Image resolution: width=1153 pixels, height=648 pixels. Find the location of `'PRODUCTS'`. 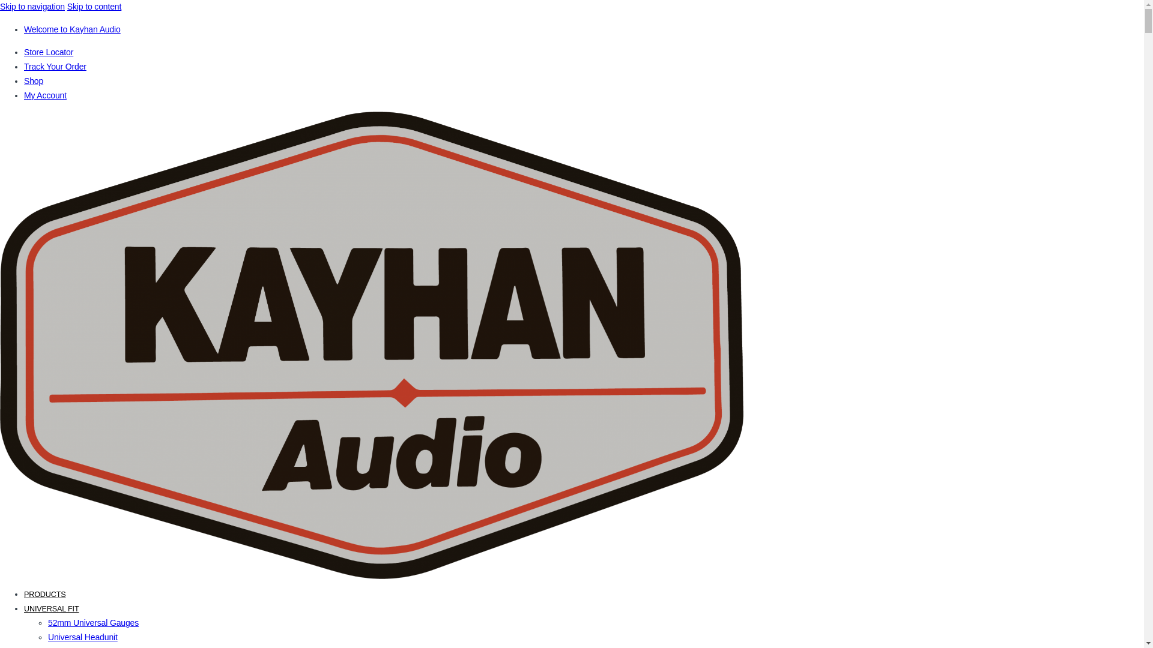

'PRODUCTS' is located at coordinates (23, 595).